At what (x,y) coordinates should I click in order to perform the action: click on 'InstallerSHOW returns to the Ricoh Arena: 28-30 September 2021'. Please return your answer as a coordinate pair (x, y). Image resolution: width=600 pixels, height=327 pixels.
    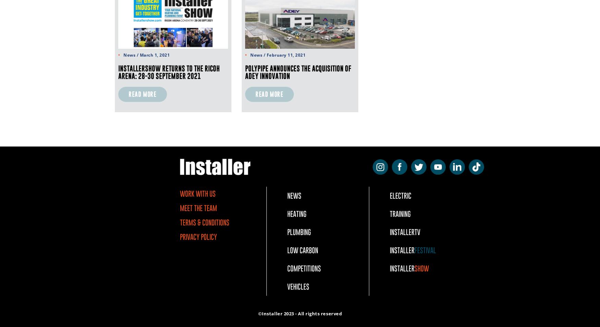
    Looking at the image, I should click on (169, 72).